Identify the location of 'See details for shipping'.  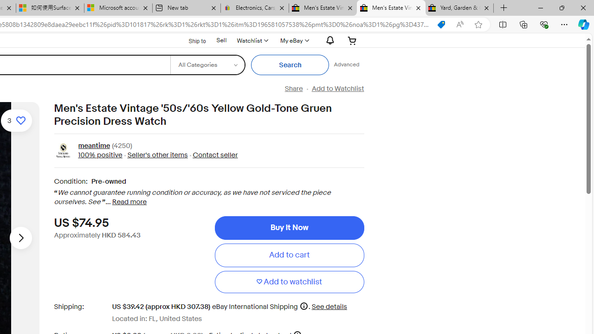
(329, 306).